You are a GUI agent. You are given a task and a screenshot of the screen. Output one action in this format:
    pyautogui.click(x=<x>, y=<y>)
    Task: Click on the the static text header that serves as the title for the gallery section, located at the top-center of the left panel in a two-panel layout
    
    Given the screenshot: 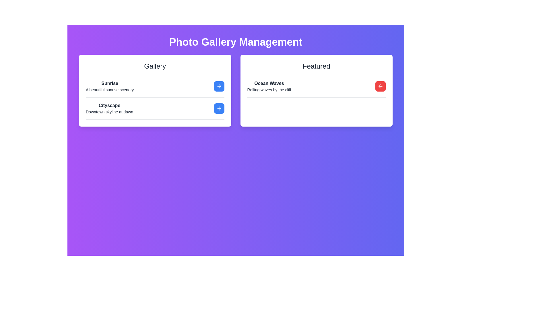 What is the action you would take?
    pyautogui.click(x=155, y=66)
    